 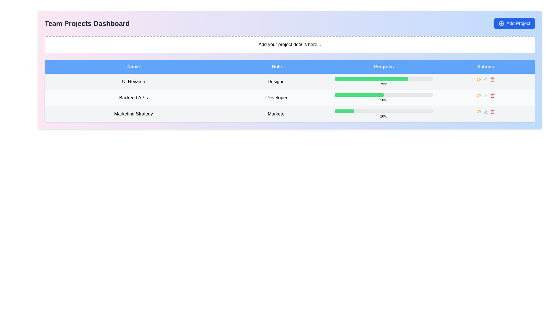 What do you see at coordinates (485, 79) in the screenshot?
I see `the edit icon button located in the 'Actions' column of the second row labeled 'Backend APIs'` at bounding box center [485, 79].